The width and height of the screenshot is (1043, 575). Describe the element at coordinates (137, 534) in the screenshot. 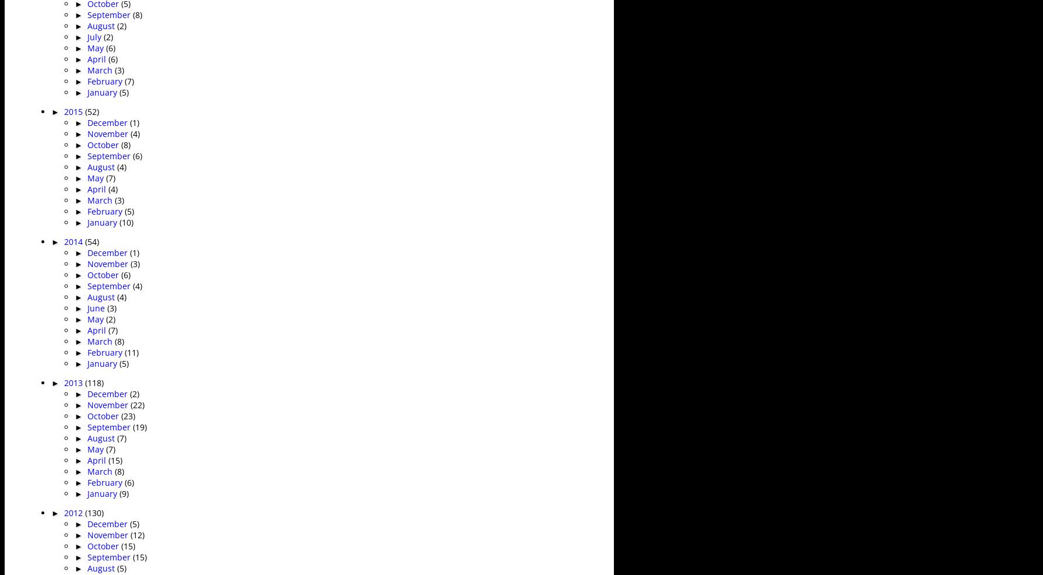

I see `'(12)'` at that location.